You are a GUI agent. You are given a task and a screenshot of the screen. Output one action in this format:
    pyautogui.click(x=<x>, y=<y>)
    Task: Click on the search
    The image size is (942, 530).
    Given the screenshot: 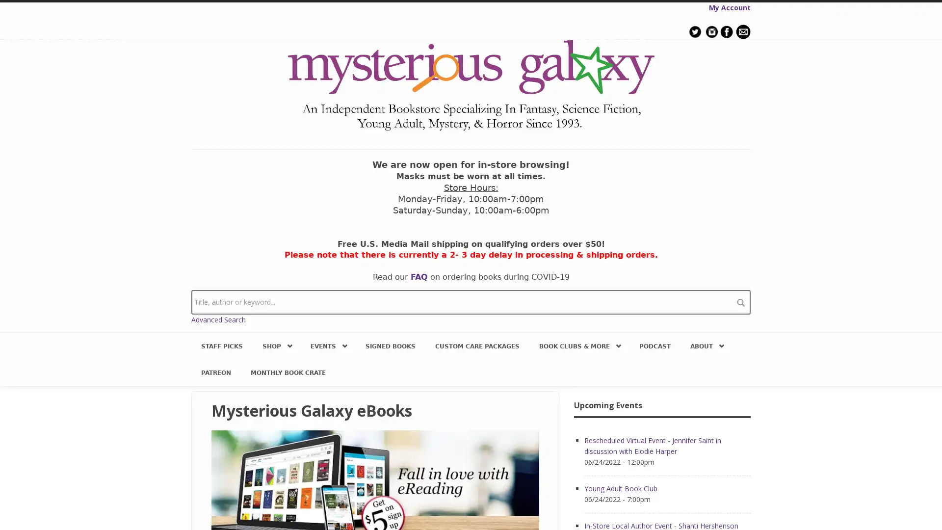 What is the action you would take?
    pyautogui.click(x=741, y=302)
    